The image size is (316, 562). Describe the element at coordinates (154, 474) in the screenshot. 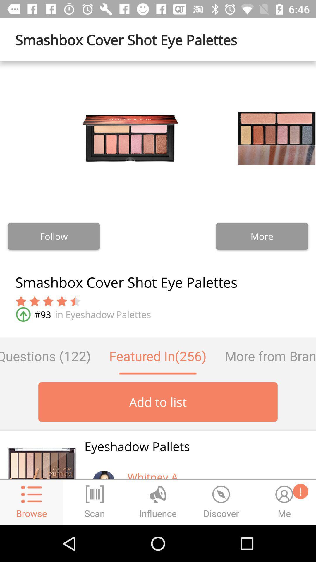

I see `item next to the ! item` at that location.